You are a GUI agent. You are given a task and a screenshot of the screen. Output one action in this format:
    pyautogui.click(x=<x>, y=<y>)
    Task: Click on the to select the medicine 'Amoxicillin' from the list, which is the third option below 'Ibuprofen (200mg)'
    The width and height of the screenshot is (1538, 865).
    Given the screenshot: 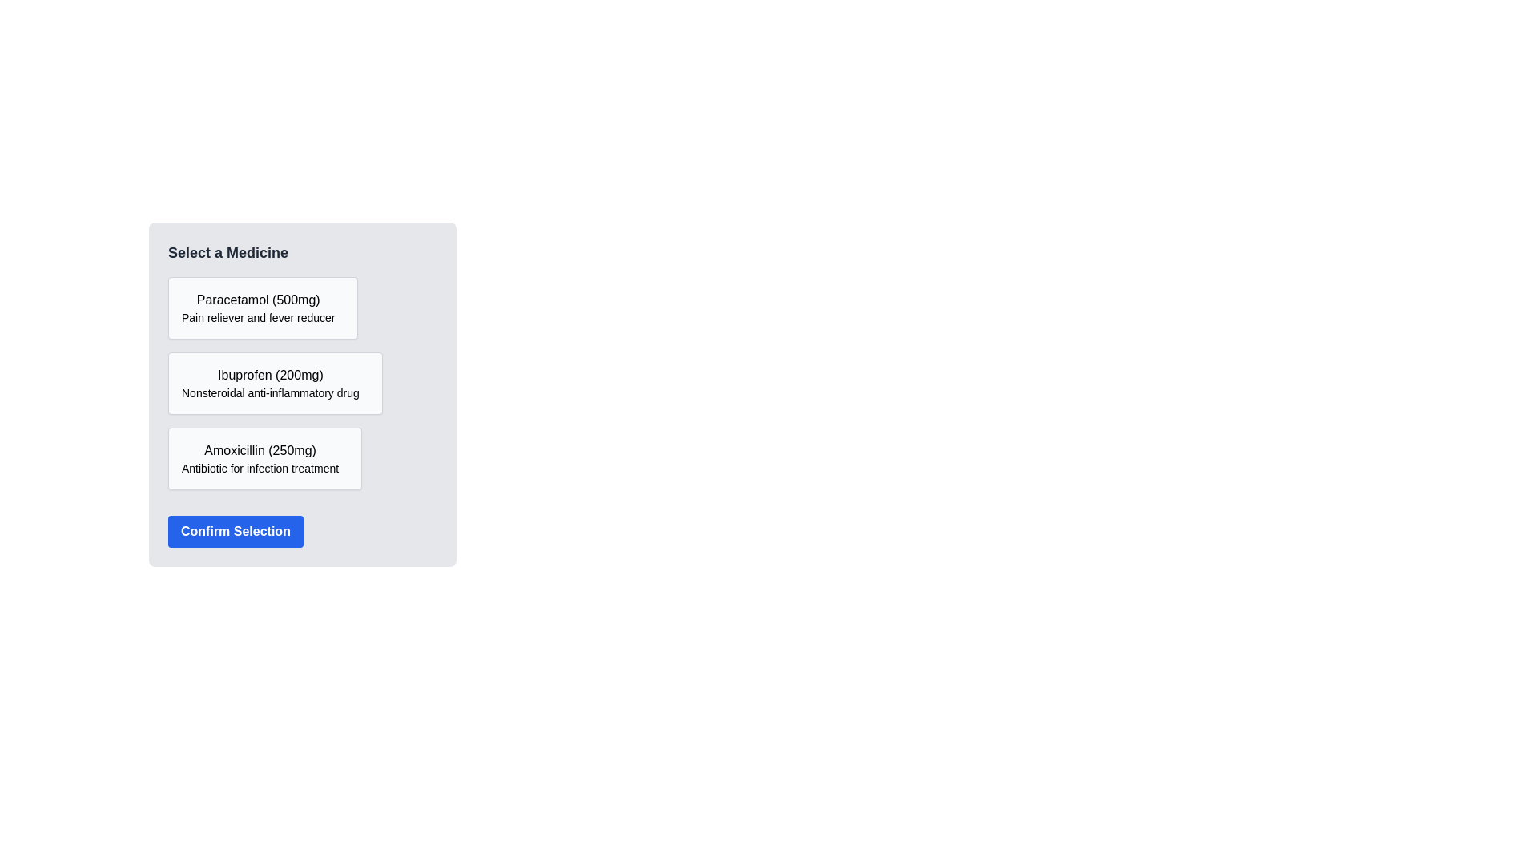 What is the action you would take?
    pyautogui.click(x=260, y=459)
    